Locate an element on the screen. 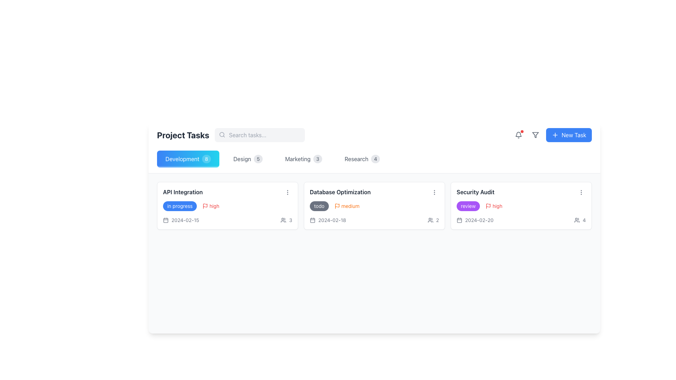 This screenshot has width=676, height=380. the button located on the far-right above the task details in the 'Database Optimization' card is located at coordinates (434, 192).